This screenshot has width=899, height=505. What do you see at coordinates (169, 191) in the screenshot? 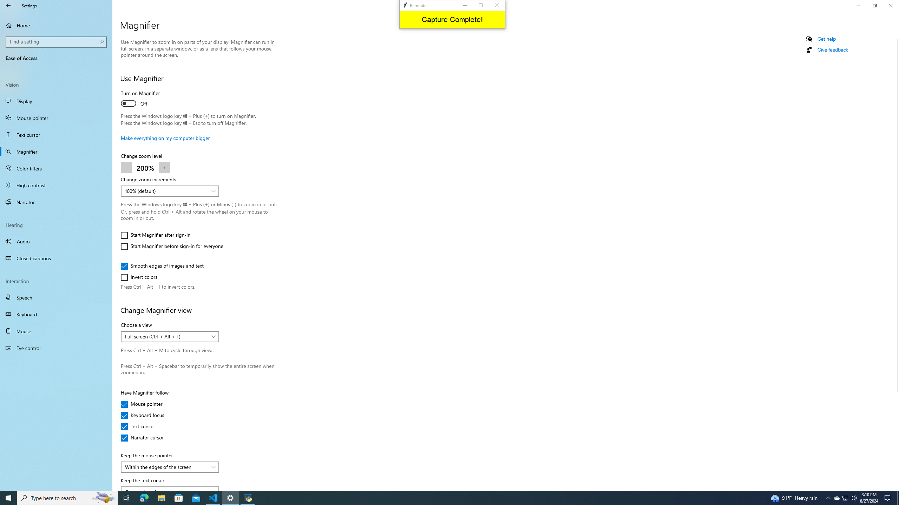
I see `'Change zoom increments'` at bounding box center [169, 191].